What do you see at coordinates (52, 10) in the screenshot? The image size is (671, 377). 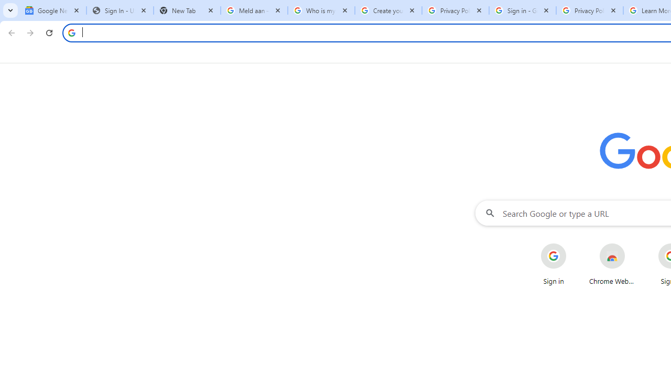 I see `'Google News'` at bounding box center [52, 10].